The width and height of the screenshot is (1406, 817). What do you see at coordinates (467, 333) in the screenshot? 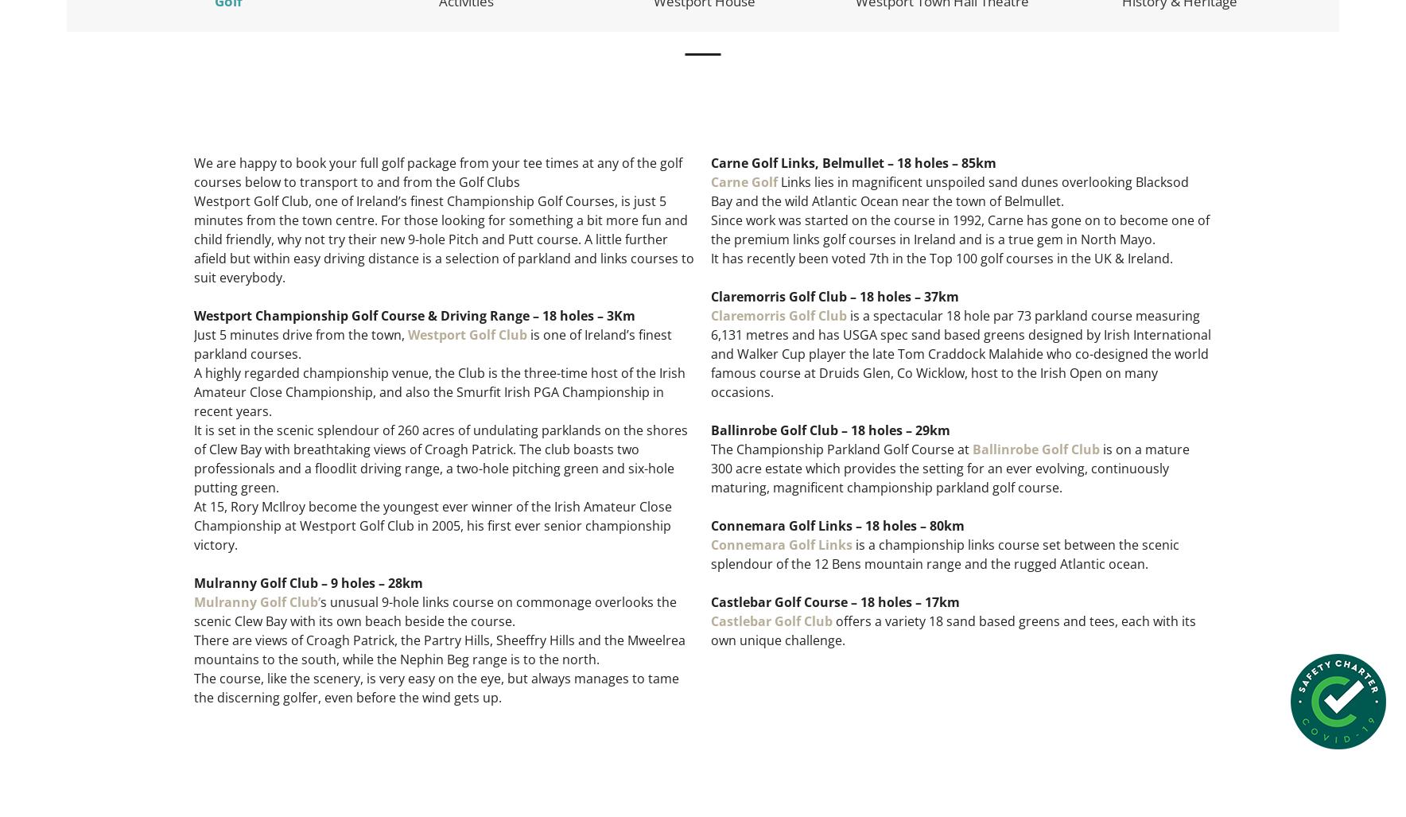
I see `'Westport Golf Club'` at bounding box center [467, 333].